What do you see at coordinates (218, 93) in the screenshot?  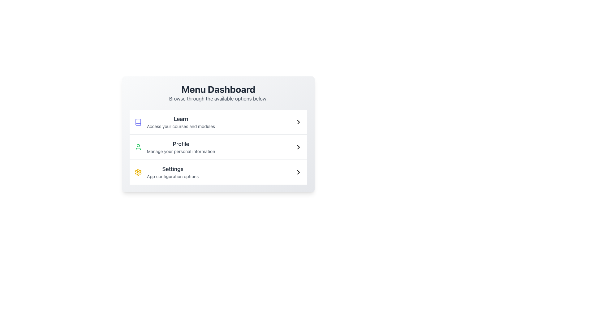 I see `text block located at the top of the white rounded corner box, which provides a heading and description for the options below, including 'Learn,' 'Profile,' and 'Settings.'` at bounding box center [218, 93].